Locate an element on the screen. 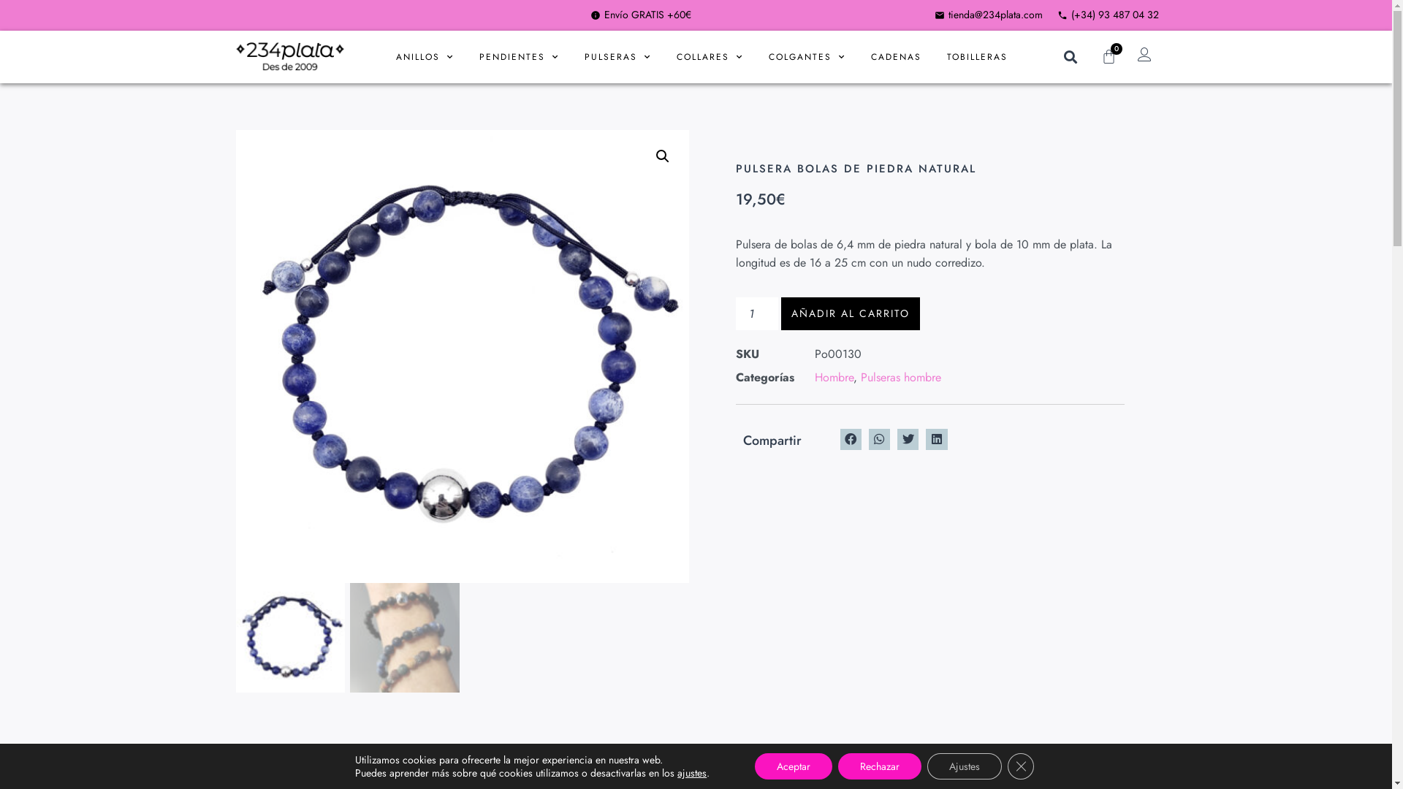 The image size is (1403, 789). 'Hombre' is located at coordinates (833, 376).